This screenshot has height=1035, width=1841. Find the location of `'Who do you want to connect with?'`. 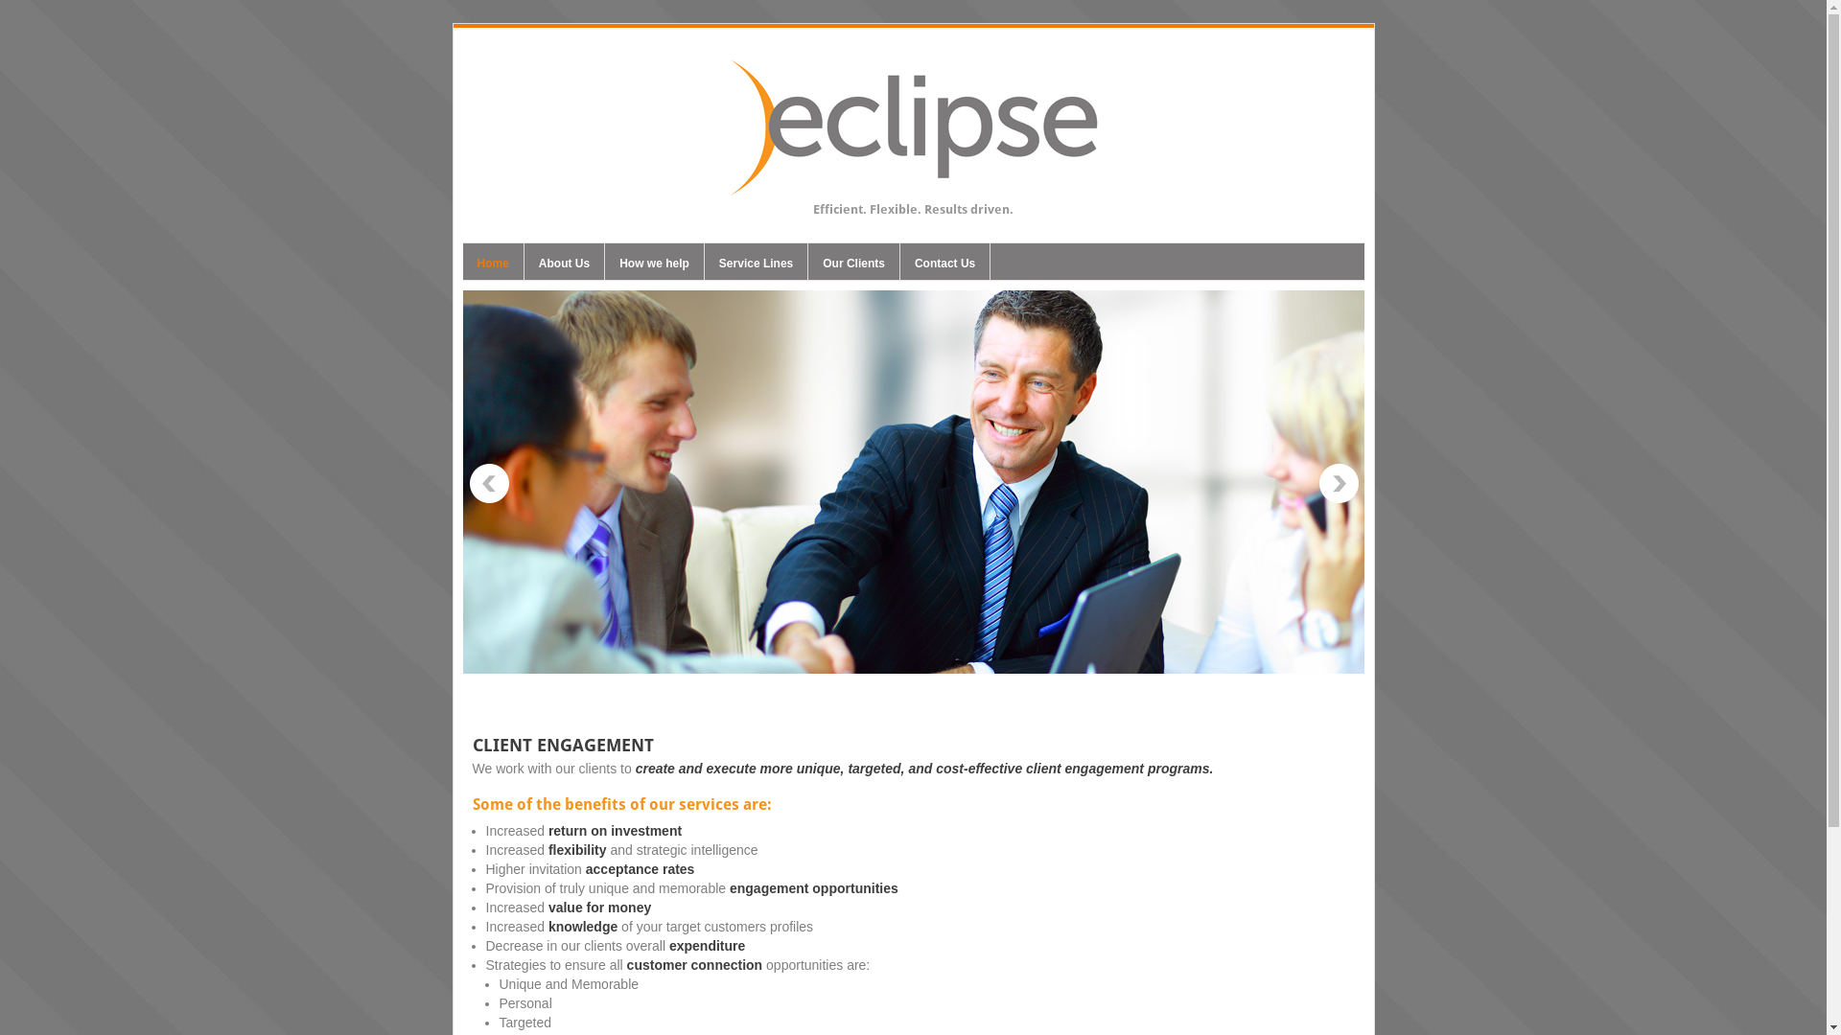

'Who do you want to connect with?' is located at coordinates (911, 480).